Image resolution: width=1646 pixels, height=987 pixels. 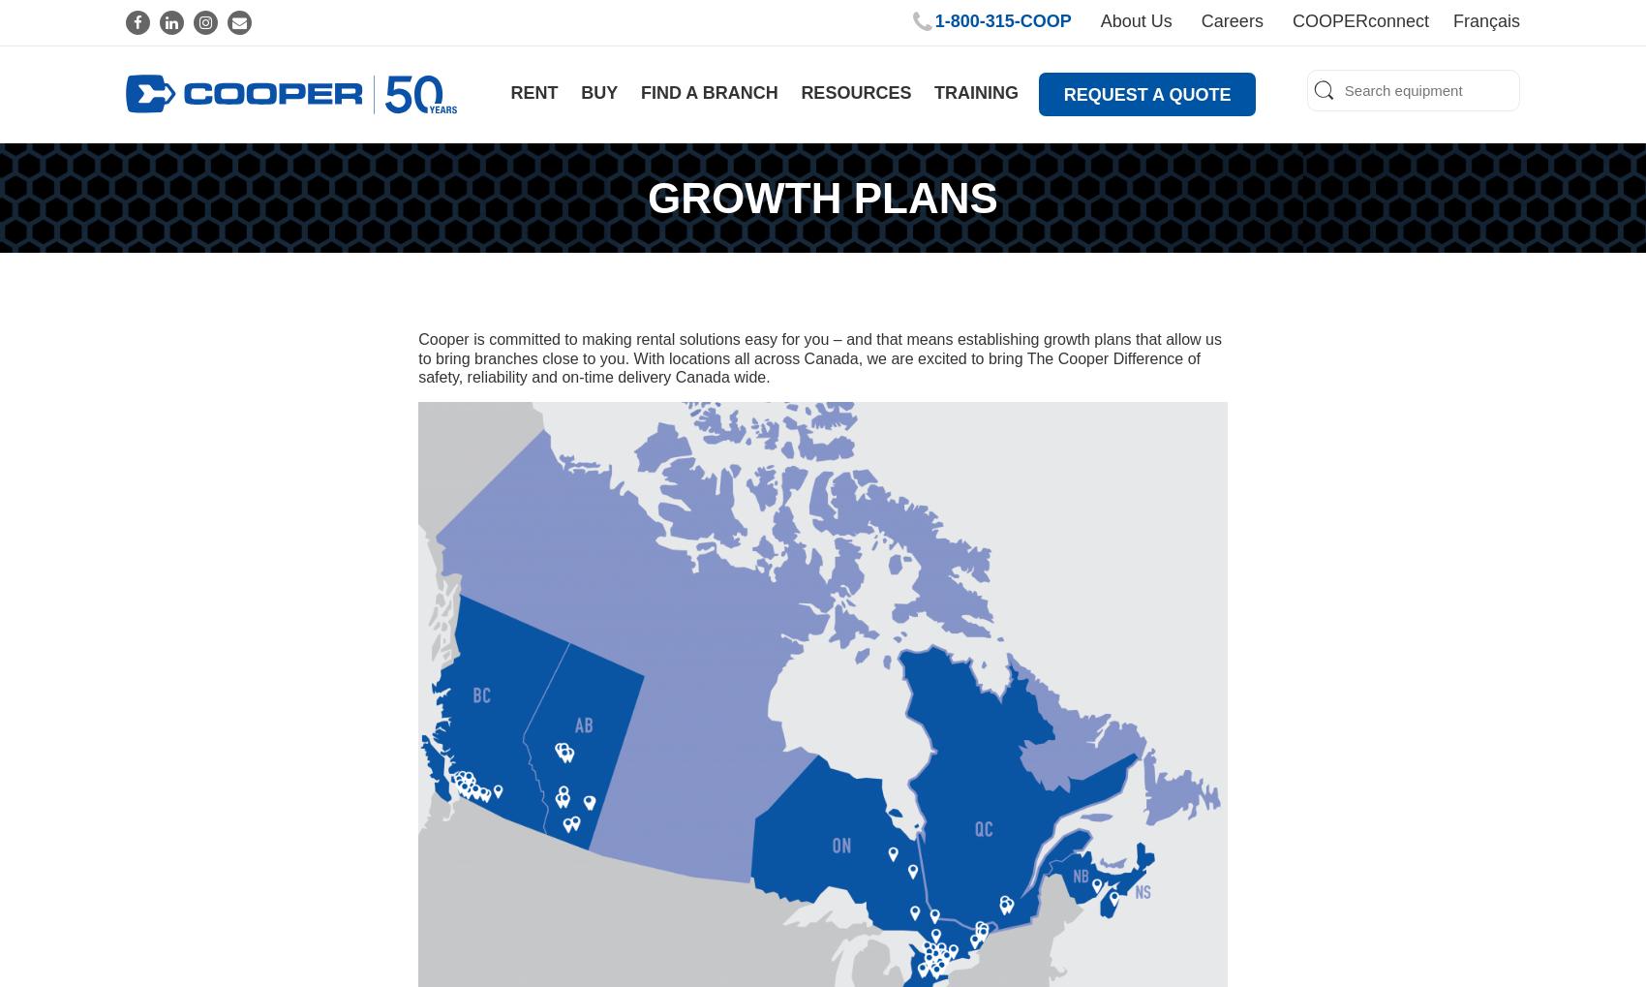 I want to click on 'Training', so click(x=975, y=90).